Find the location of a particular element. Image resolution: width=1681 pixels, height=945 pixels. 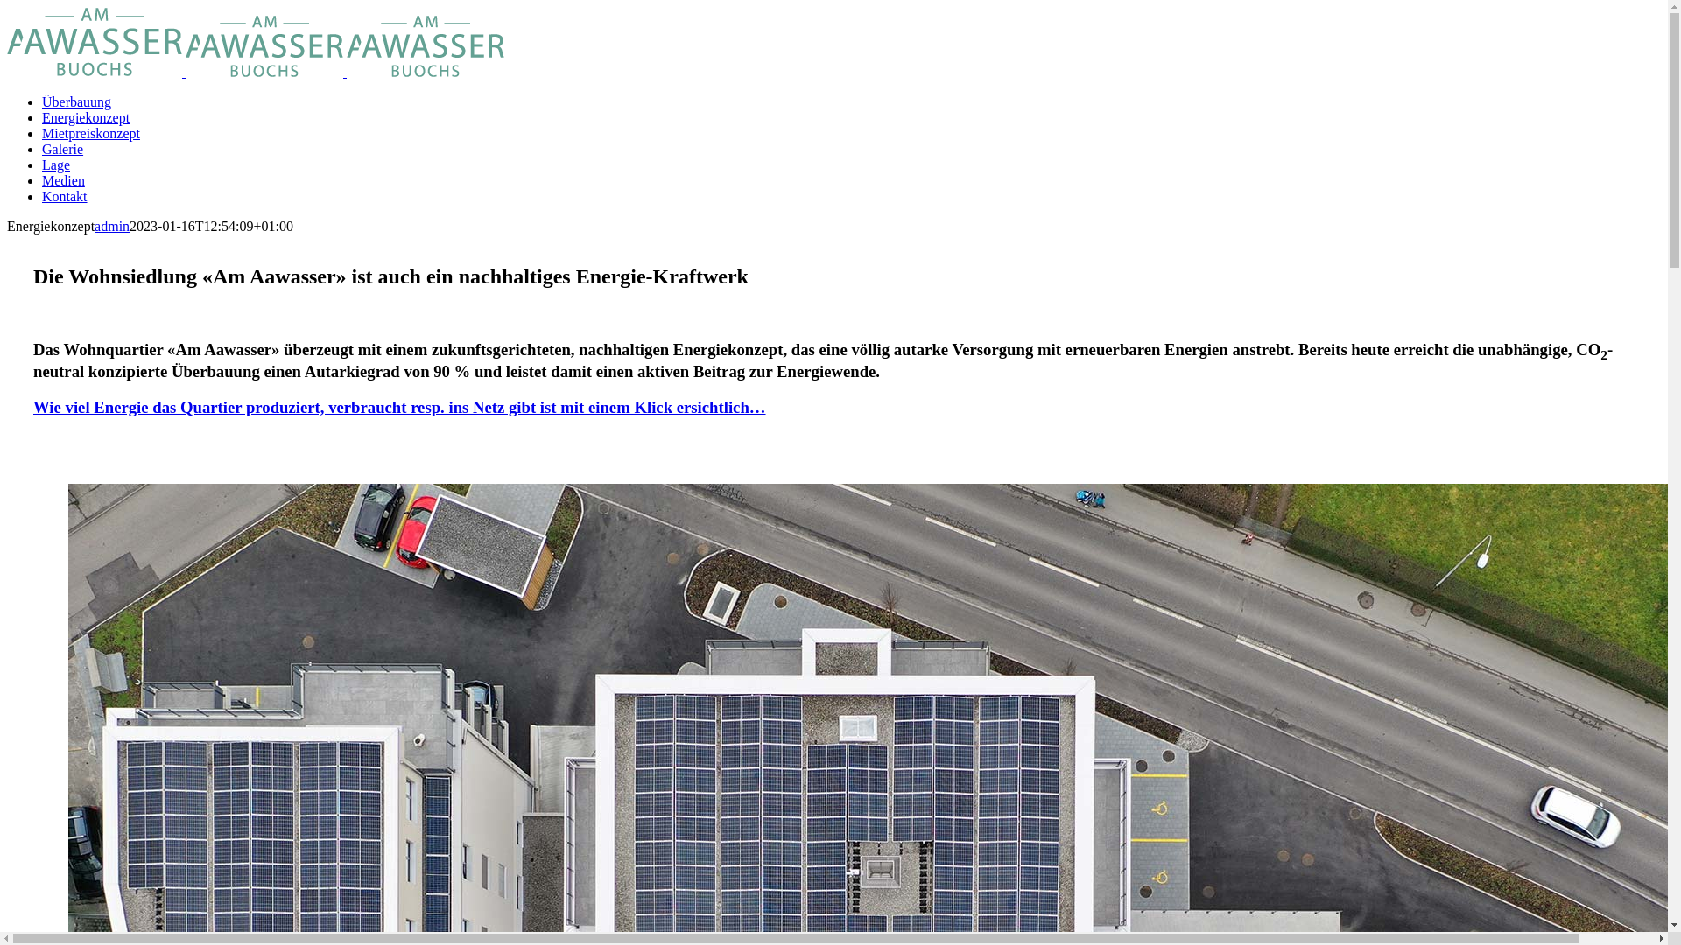

'Kontakt' is located at coordinates (64, 196).